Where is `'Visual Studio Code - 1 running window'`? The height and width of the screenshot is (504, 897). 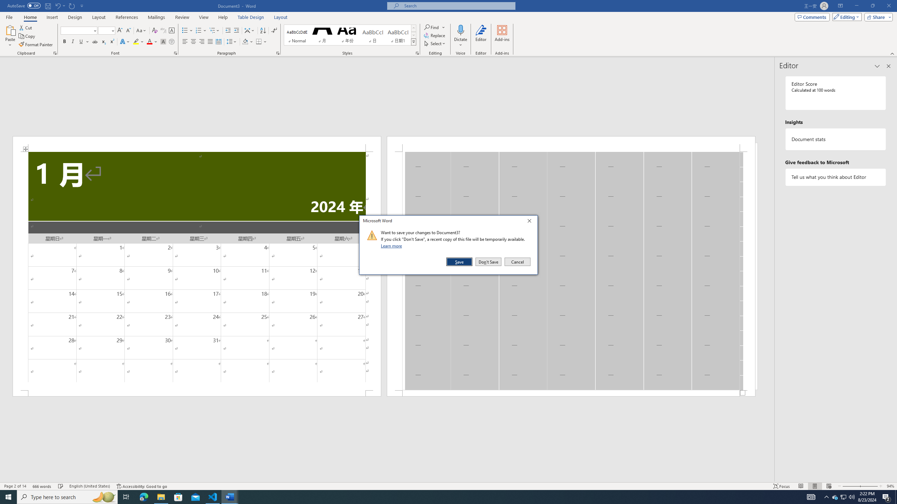 'Visual Studio Code - 1 running window' is located at coordinates (213, 496).